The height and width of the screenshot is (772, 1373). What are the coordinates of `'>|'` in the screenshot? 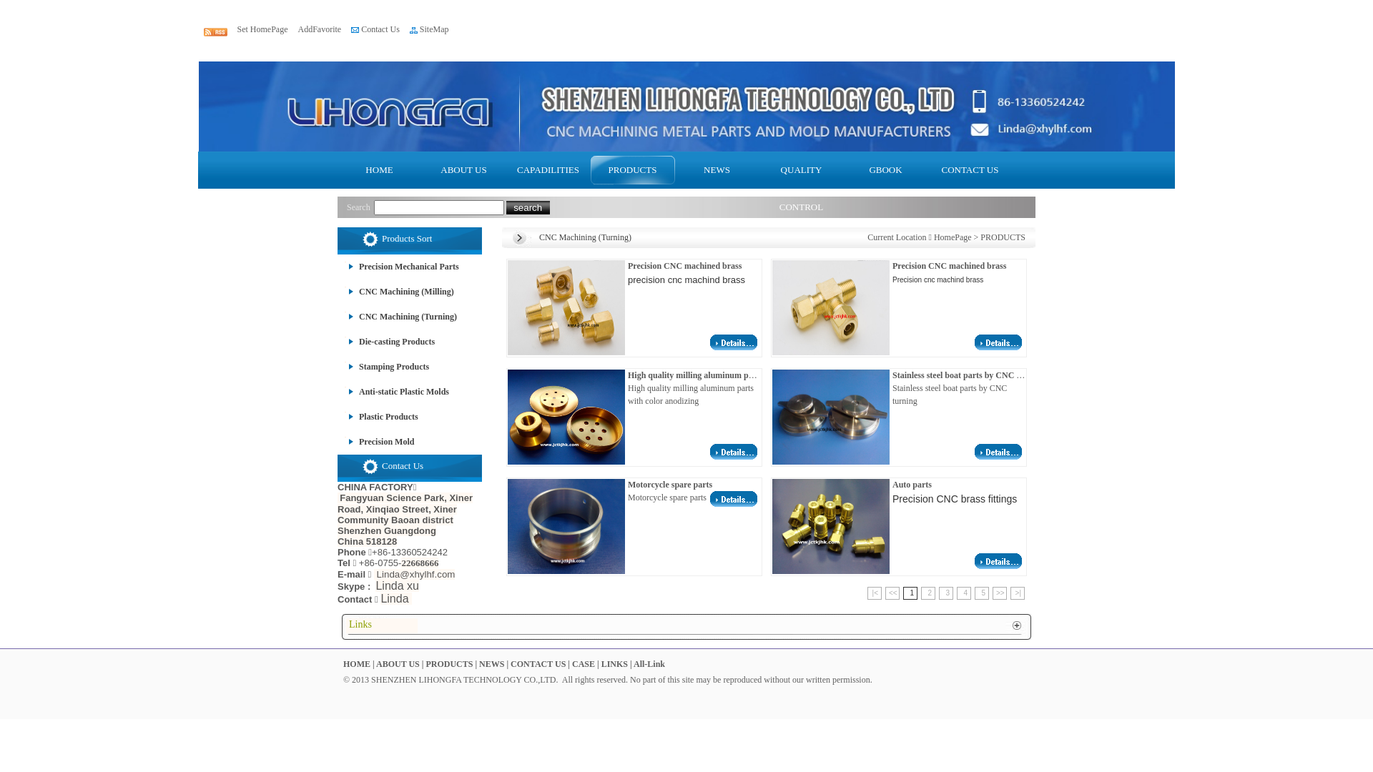 It's located at (1016, 593).